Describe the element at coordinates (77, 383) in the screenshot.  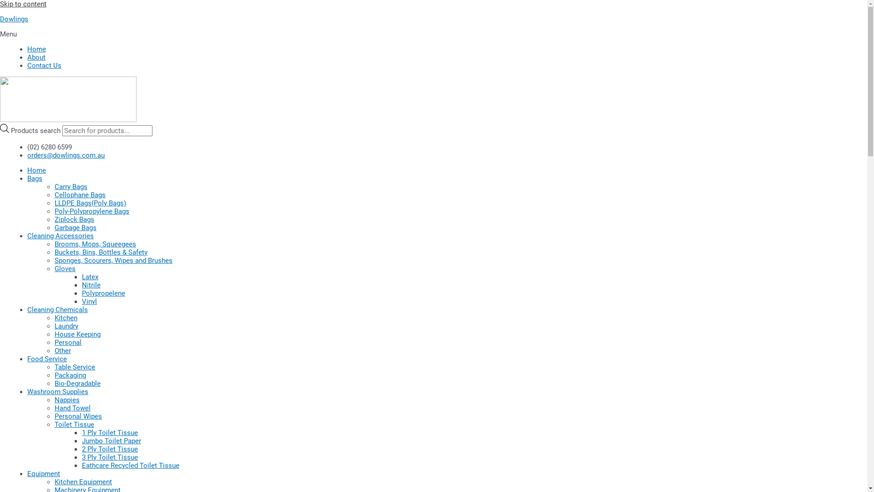
I see `'Bio-Degradable'` at that location.